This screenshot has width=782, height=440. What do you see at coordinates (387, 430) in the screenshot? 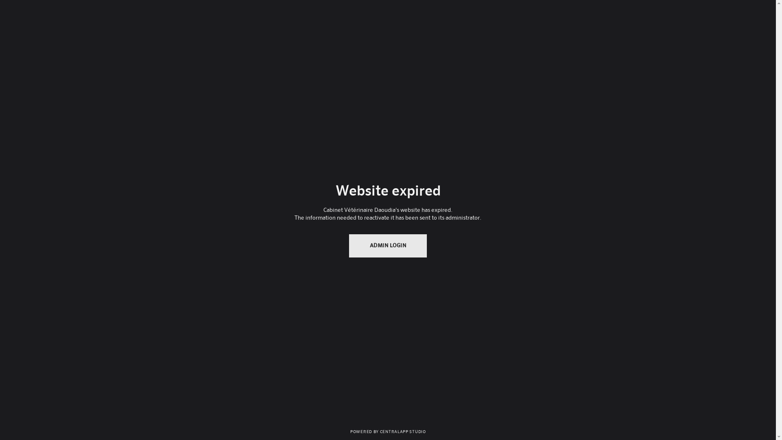
I see `'Powered by Centralapp Studio'` at bounding box center [387, 430].